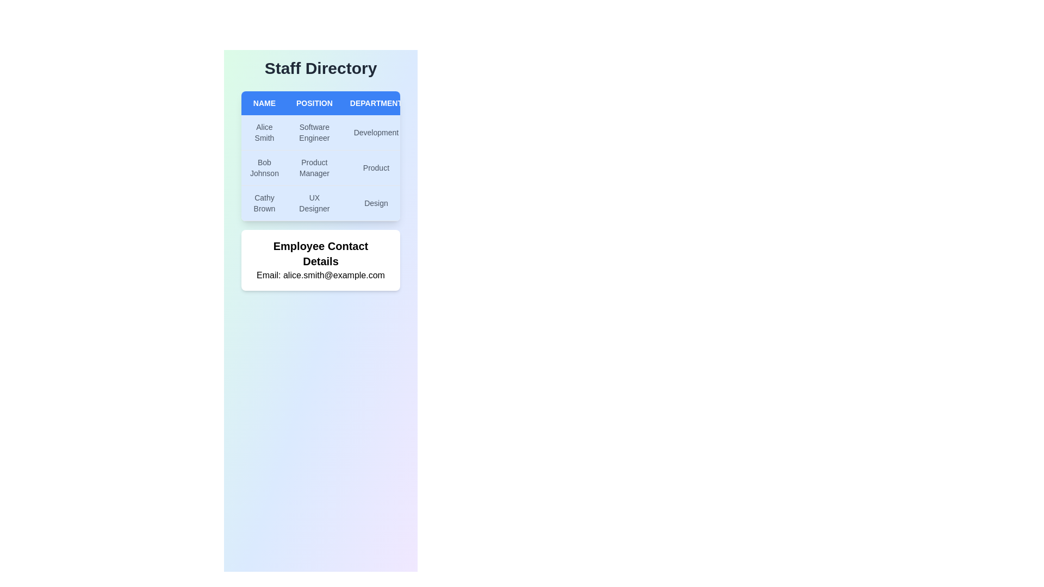 This screenshot has width=1044, height=587. I want to click on the table header cell labeled 'NAME', which is the first column header with a blue background and bold white text, so click(264, 103).